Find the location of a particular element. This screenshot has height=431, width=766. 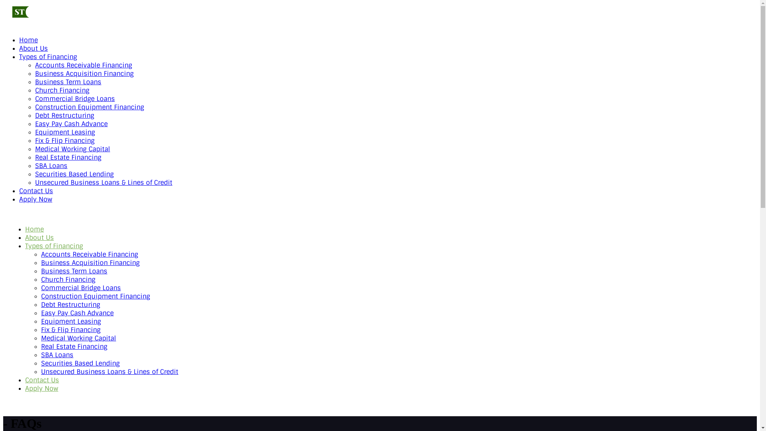

'Apply Now' is located at coordinates (41, 388).